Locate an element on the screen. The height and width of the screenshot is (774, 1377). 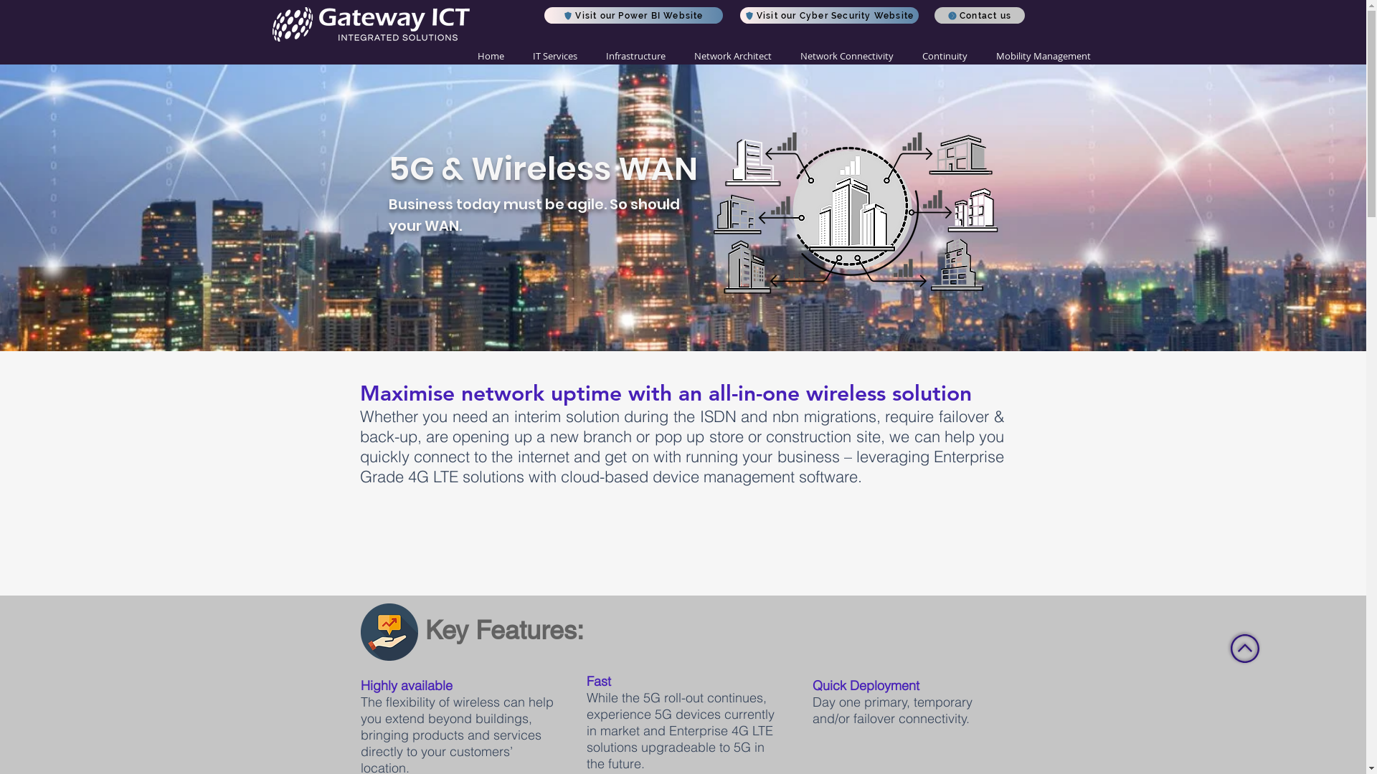
'IT Services' is located at coordinates (553, 55).